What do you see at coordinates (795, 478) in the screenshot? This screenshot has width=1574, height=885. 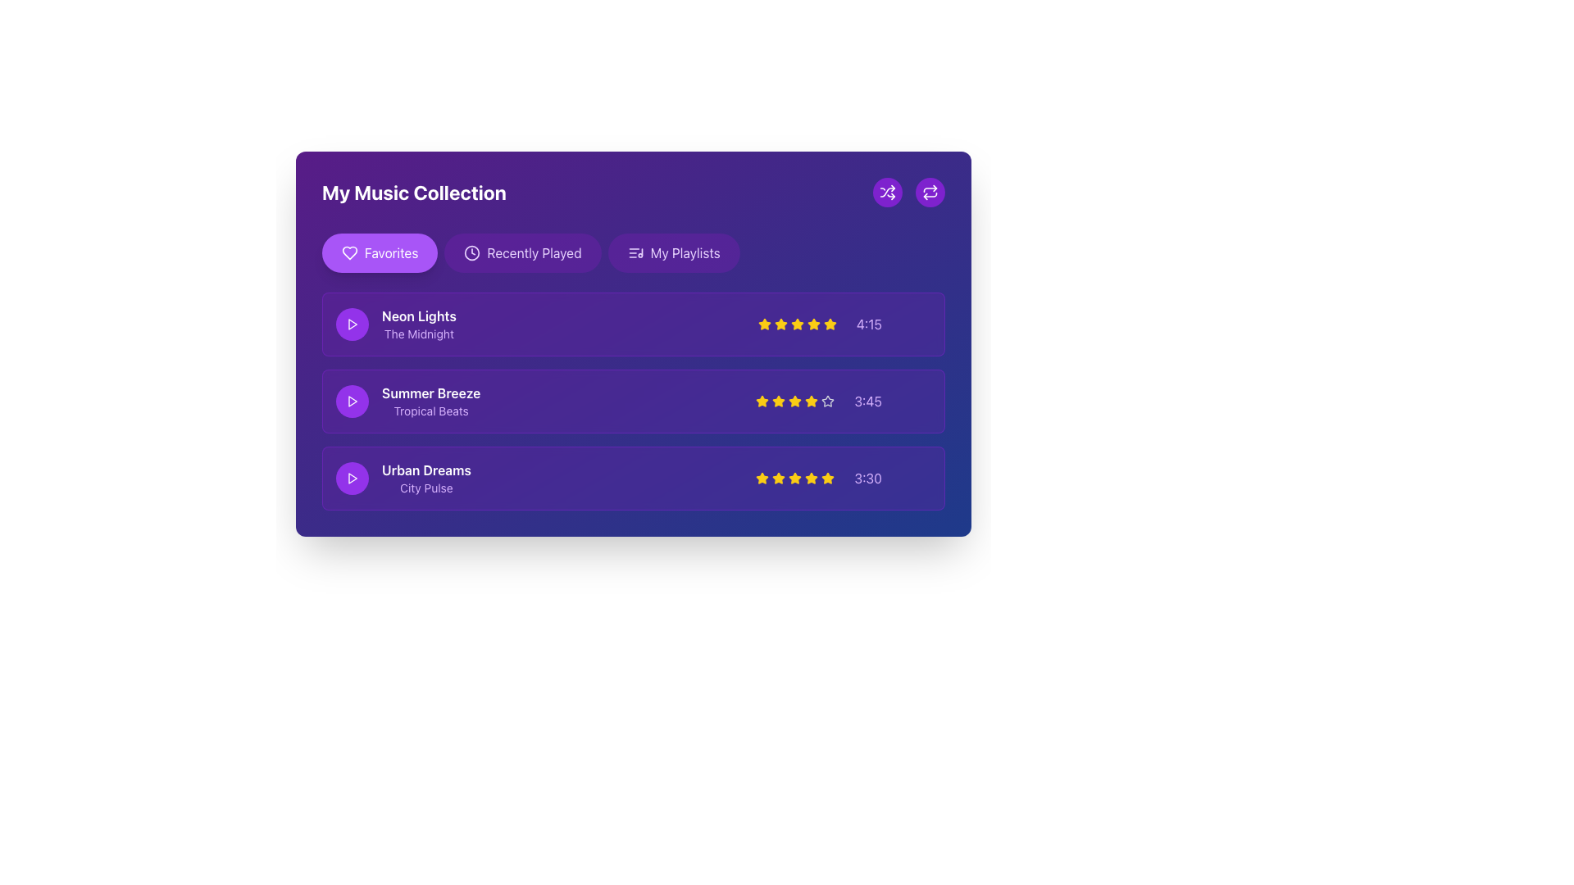 I see `the third star in the horizontal rating bar indicating a three-star rating for the song 'Urban Dreams' in the 'My Music Collection' interface` at bounding box center [795, 478].